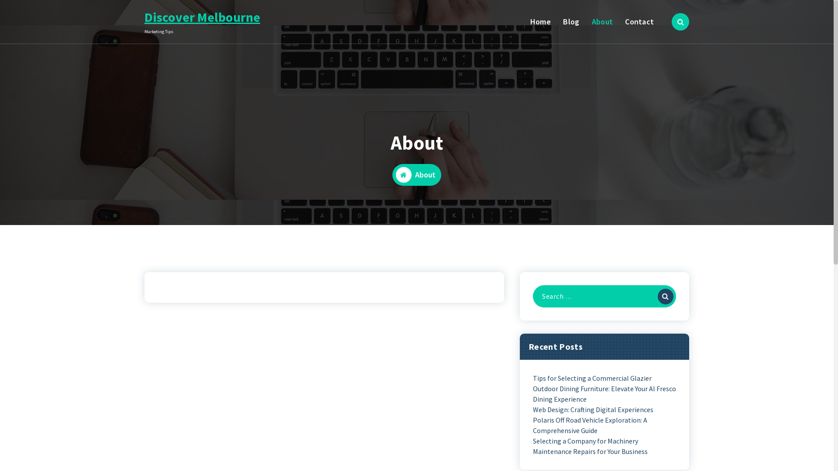 This screenshot has height=471, width=838. Describe the element at coordinates (658, 296) in the screenshot. I see `'Search'` at that location.